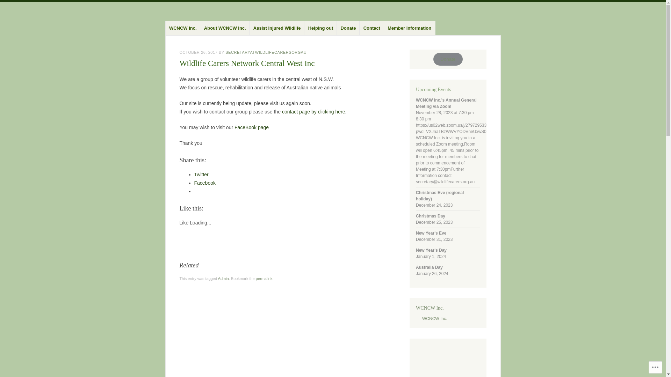 This screenshot has height=377, width=671. I want to click on 'About WCNCW Inc.', so click(199, 28).